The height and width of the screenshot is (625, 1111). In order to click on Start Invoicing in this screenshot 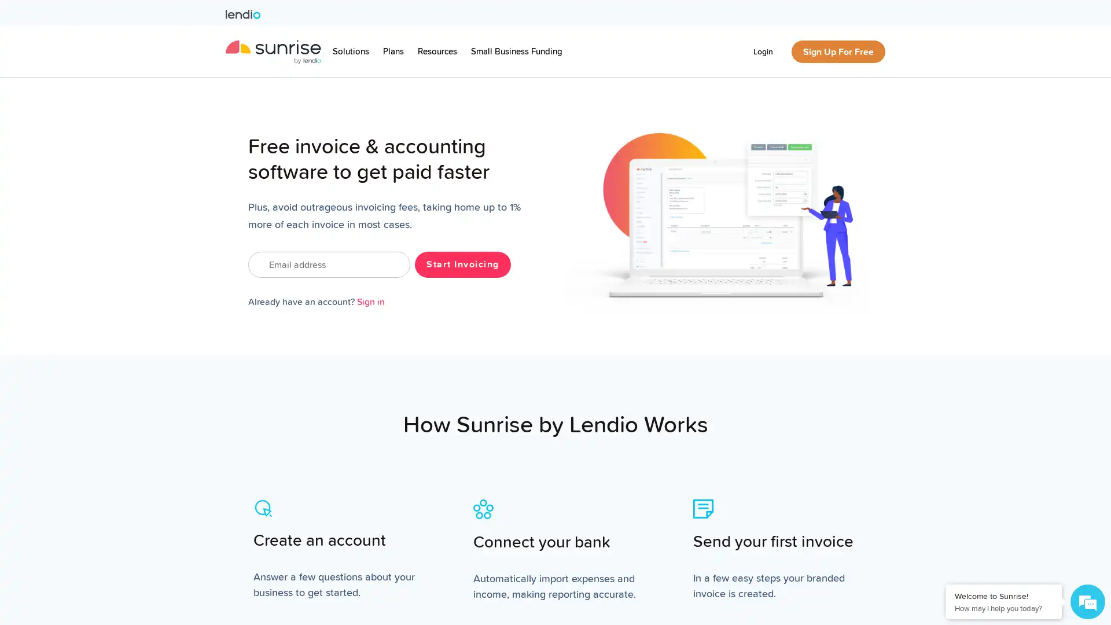, I will do `click(462, 264)`.